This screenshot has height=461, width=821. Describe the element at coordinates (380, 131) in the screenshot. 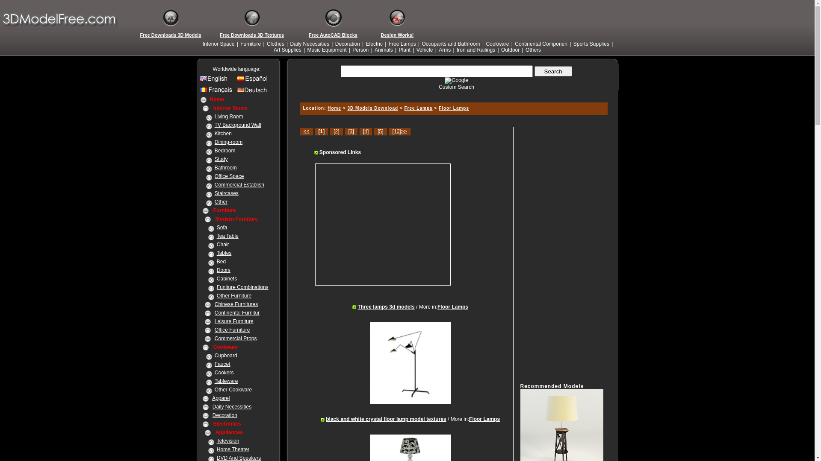

I see `'[5]'` at that location.